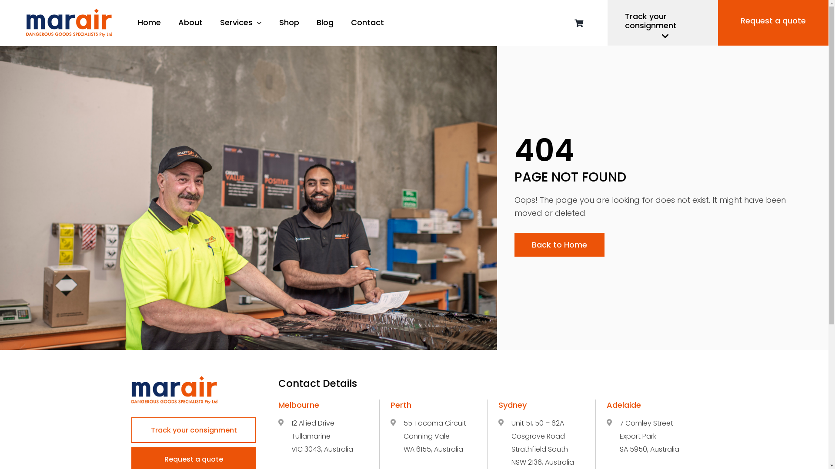 This screenshot has height=469, width=835. Describe the element at coordinates (190, 22) in the screenshot. I see `'About'` at that location.